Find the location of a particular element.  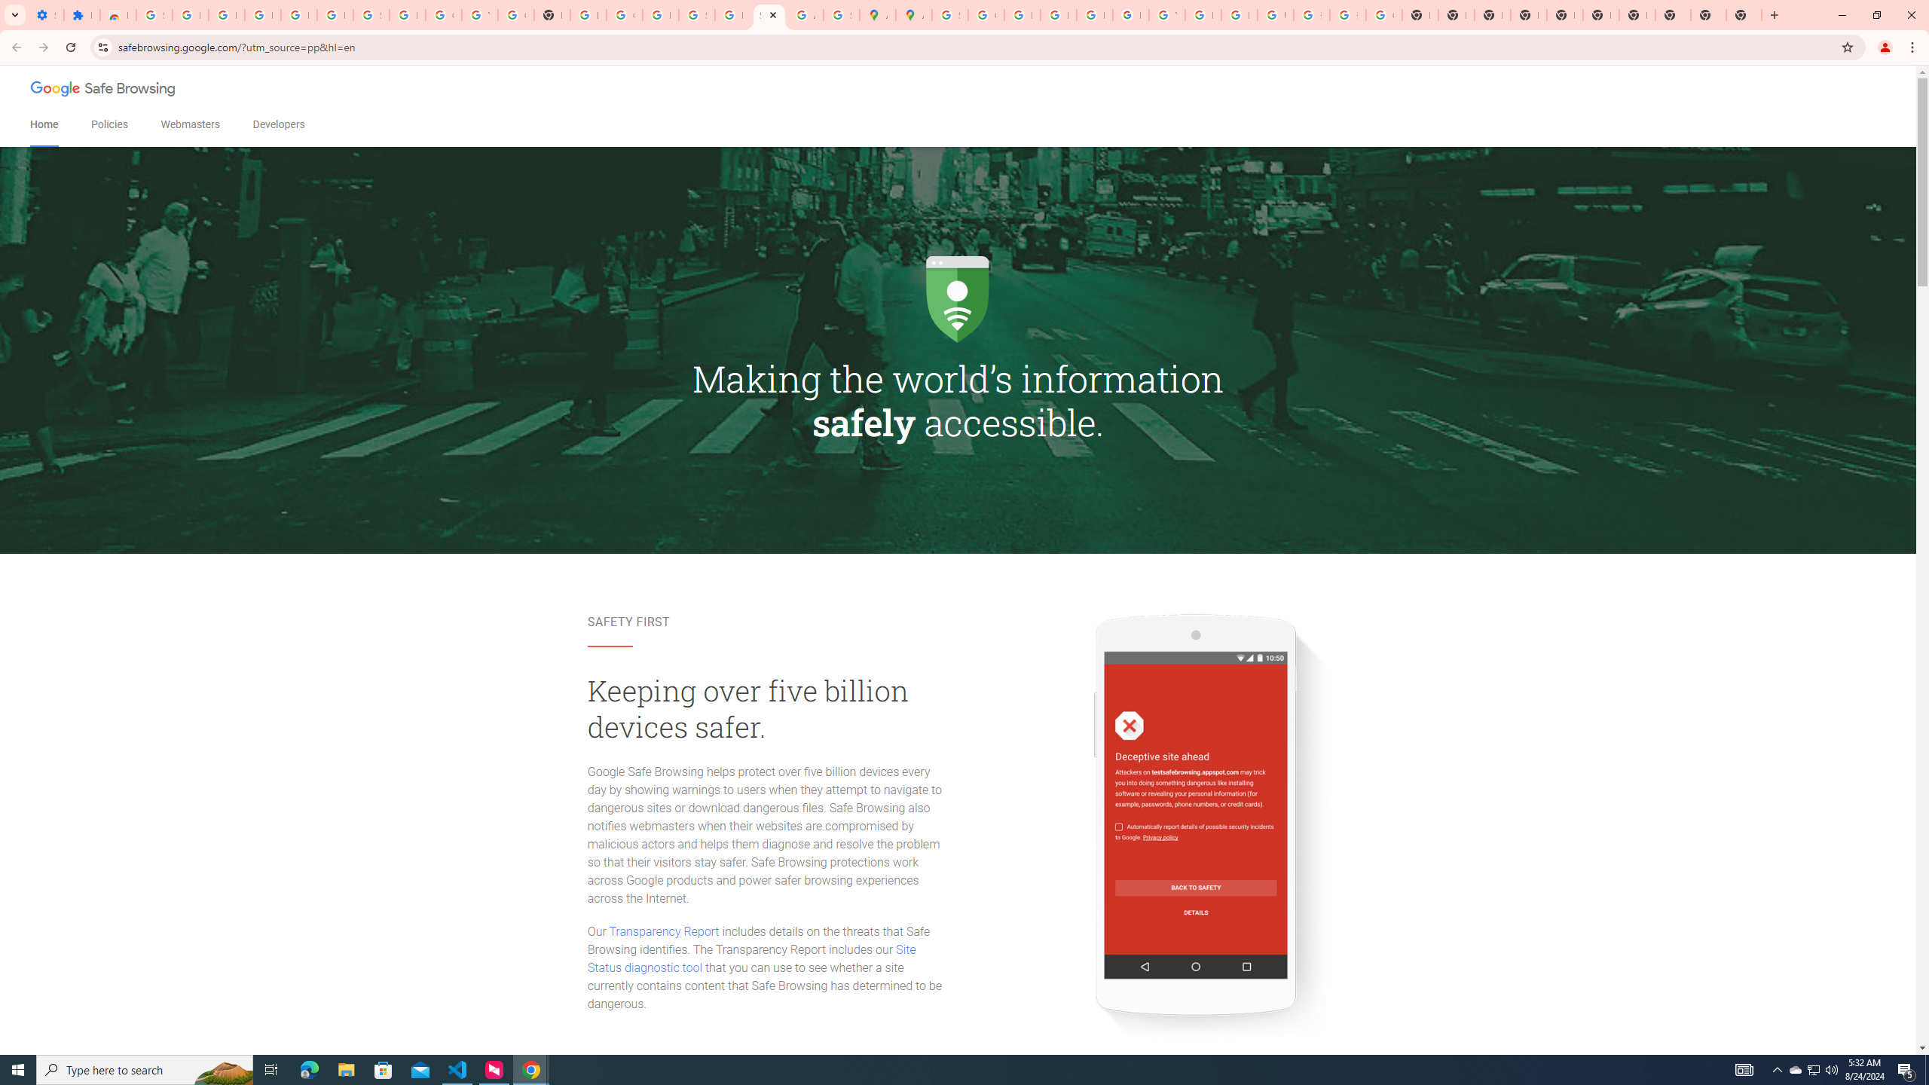

'Privacy Help Center - Policies Help' is located at coordinates (1059, 14).